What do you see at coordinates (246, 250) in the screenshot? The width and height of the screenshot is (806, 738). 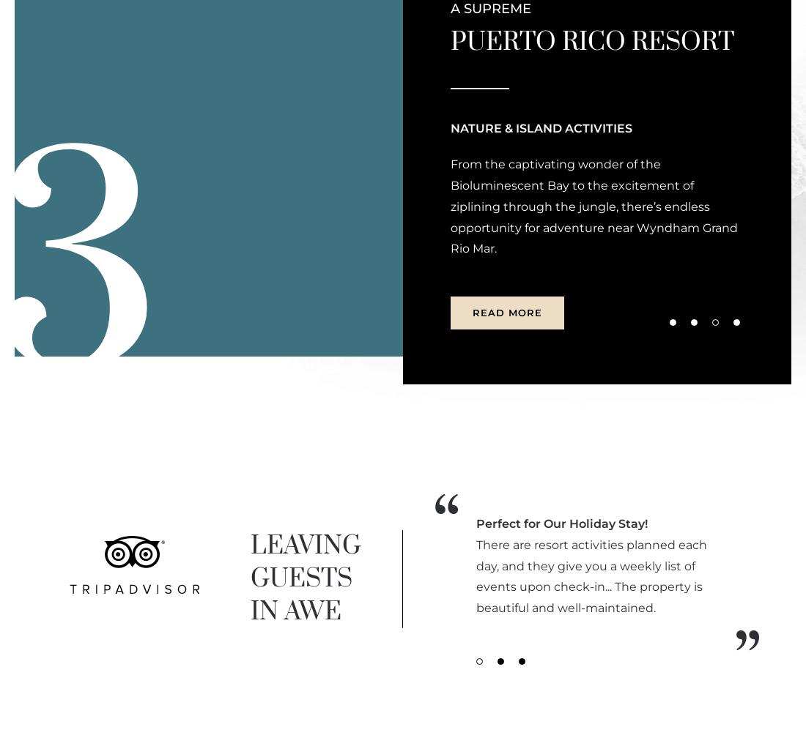 I see `'FAQ'` at bounding box center [246, 250].